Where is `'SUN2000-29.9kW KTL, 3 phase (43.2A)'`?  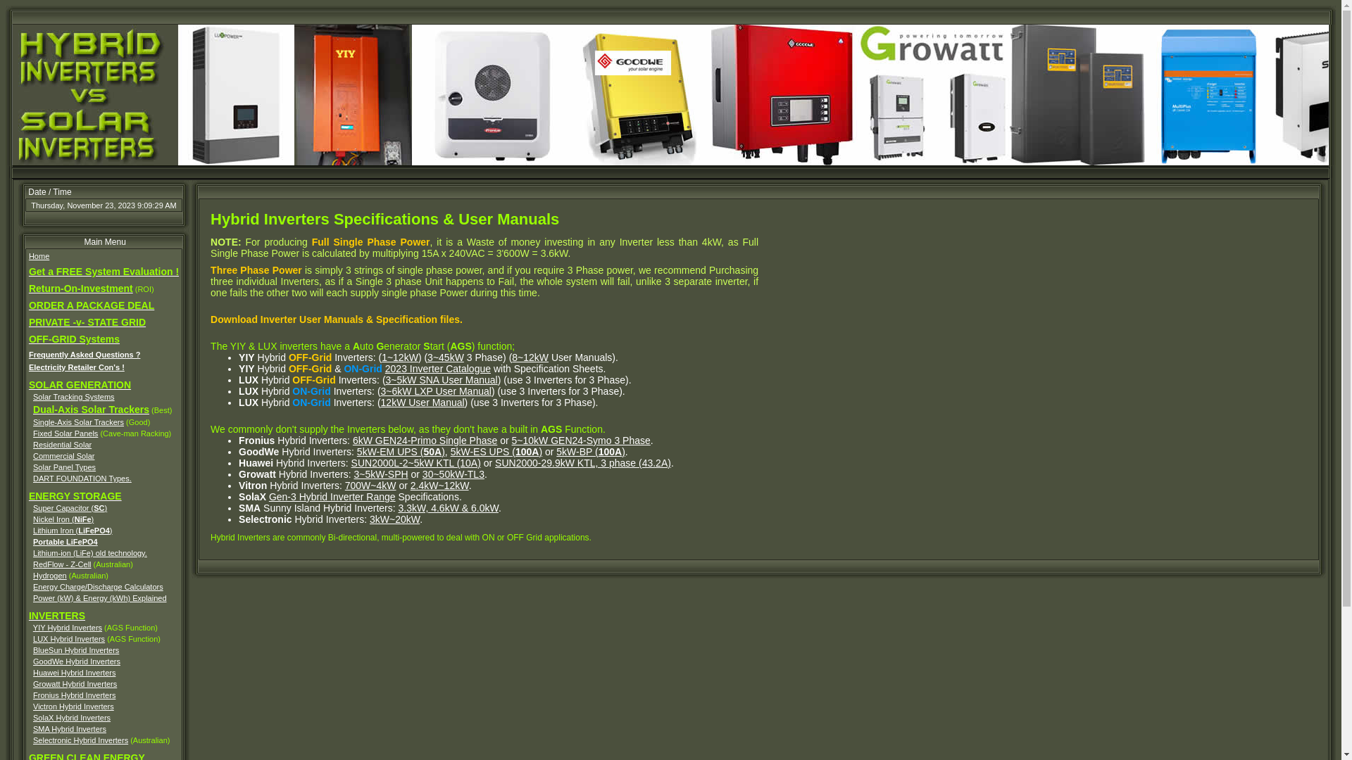
'SUN2000-29.9kW KTL, 3 phase (43.2A)' is located at coordinates (583, 463).